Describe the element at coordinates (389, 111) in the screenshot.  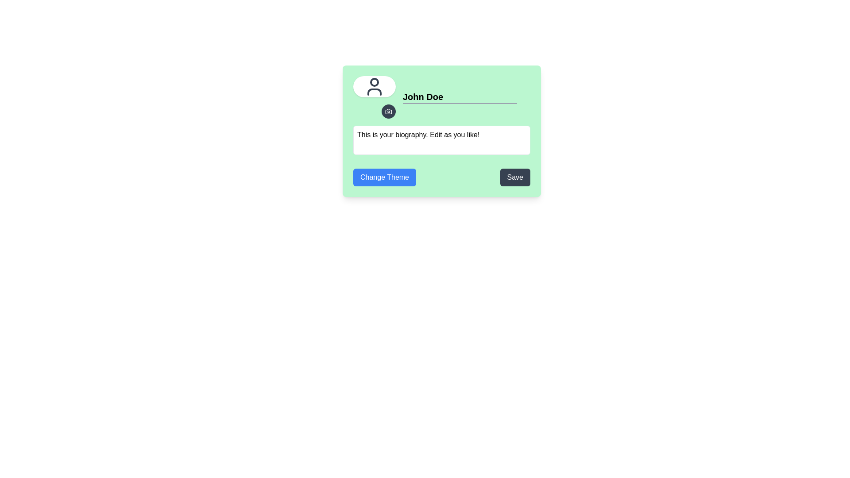
I see `the icon within the circular button located beneath the user's name to initiate the profile picture update` at that location.